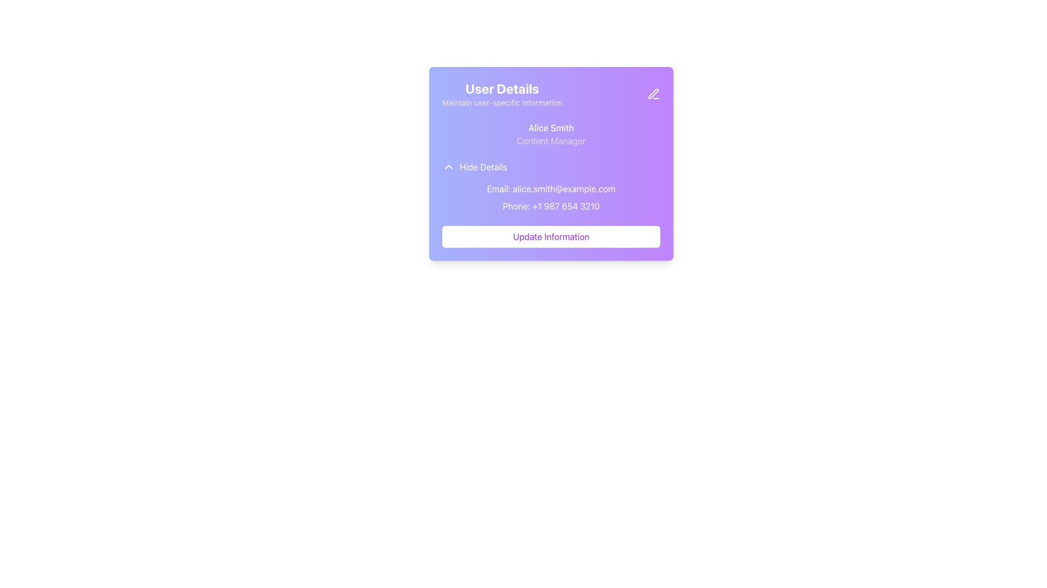  Describe the element at coordinates (551, 236) in the screenshot. I see `the button that updates the user's information, located beneath the displayed details of 'Alice Smith', 'Content Manager', and contact information` at that location.